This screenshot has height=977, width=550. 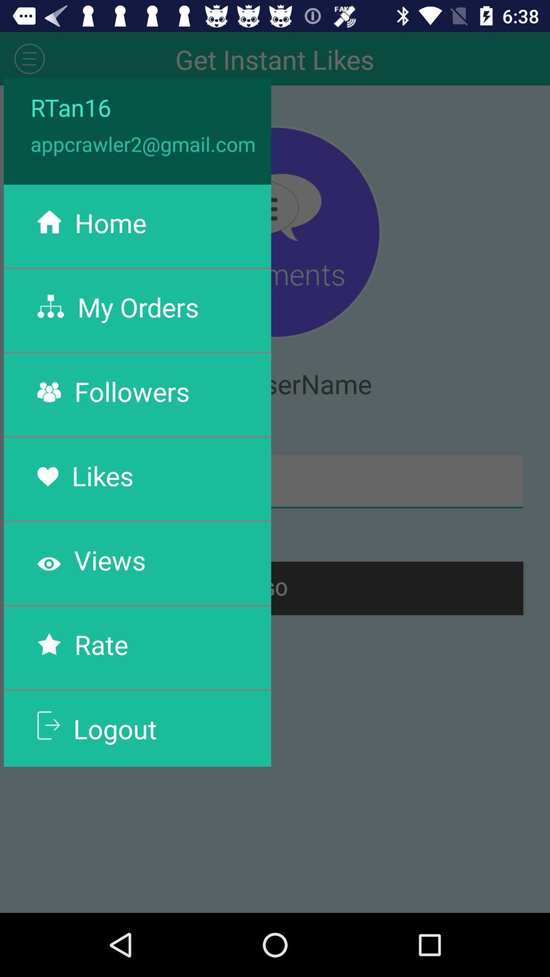 What do you see at coordinates (138, 306) in the screenshot?
I see `the my orders` at bounding box center [138, 306].